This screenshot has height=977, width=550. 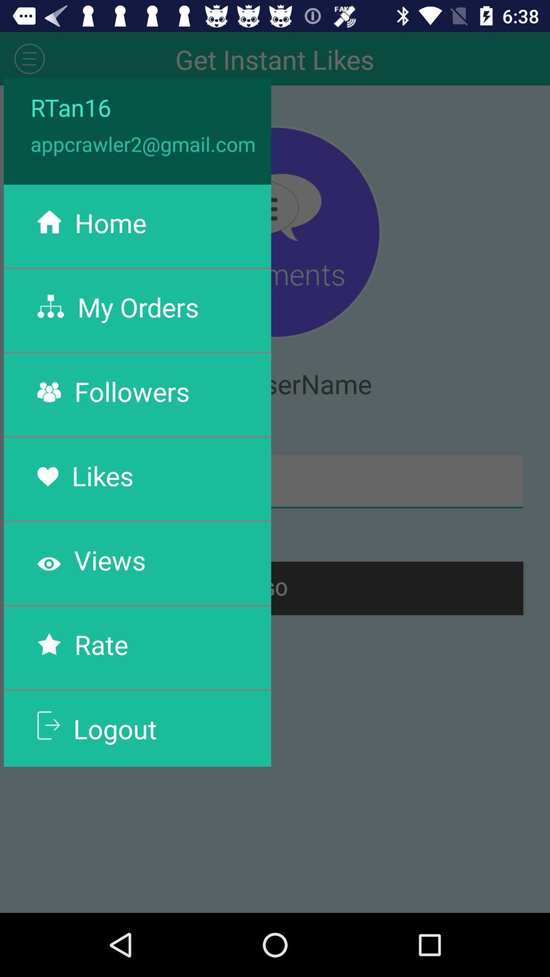 What do you see at coordinates (138, 306) in the screenshot?
I see `the my orders` at bounding box center [138, 306].